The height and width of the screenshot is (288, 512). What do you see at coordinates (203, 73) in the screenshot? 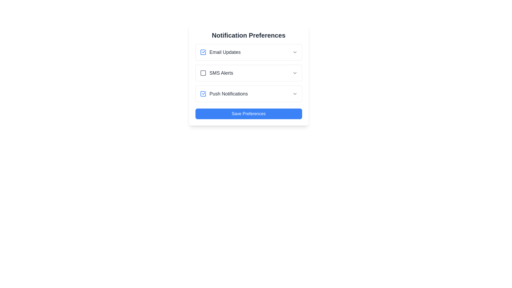
I see `the square checkbox with a gray border located in the second position of the vertical list under 'Notification Preferences'` at bounding box center [203, 73].